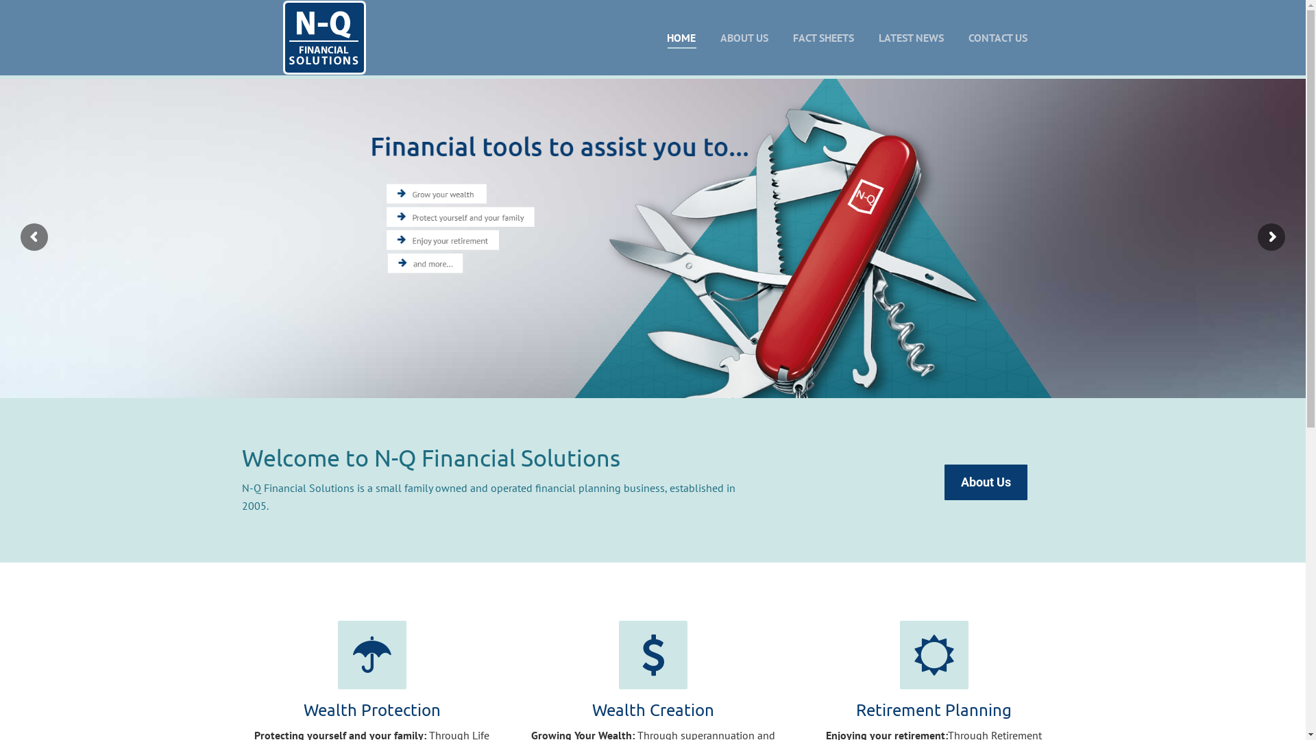 The image size is (1316, 740). I want to click on 'FACT SHEETS', so click(822, 36).